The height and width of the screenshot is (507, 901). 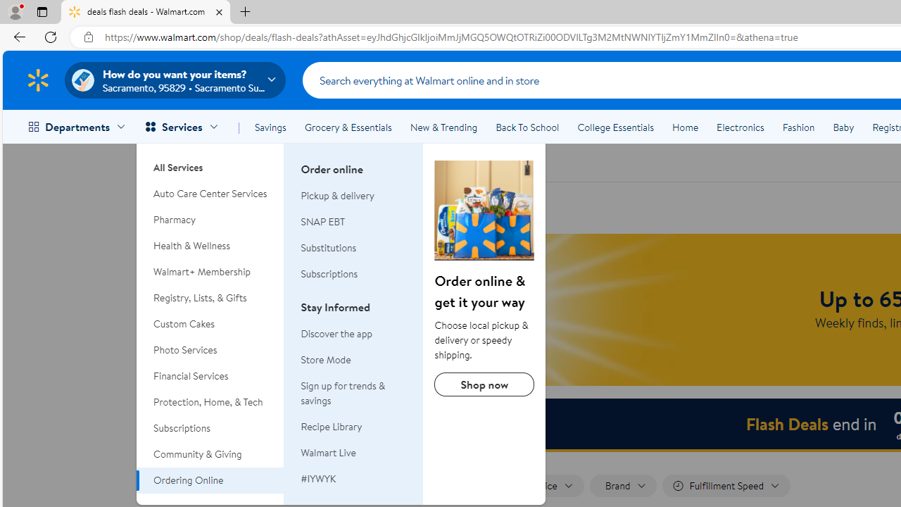 What do you see at coordinates (354, 334) in the screenshot?
I see `'Discover the app'` at bounding box center [354, 334].